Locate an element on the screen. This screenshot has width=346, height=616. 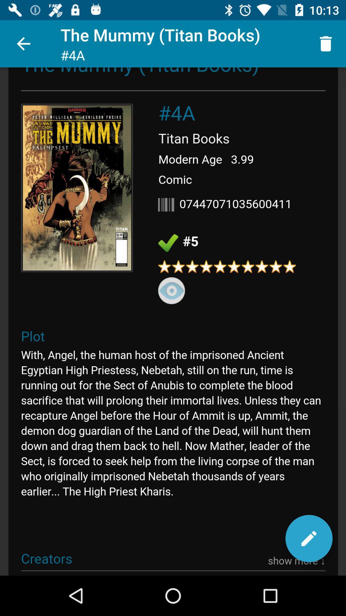
the item to the left of the the mummy titan is located at coordinates (23, 43).